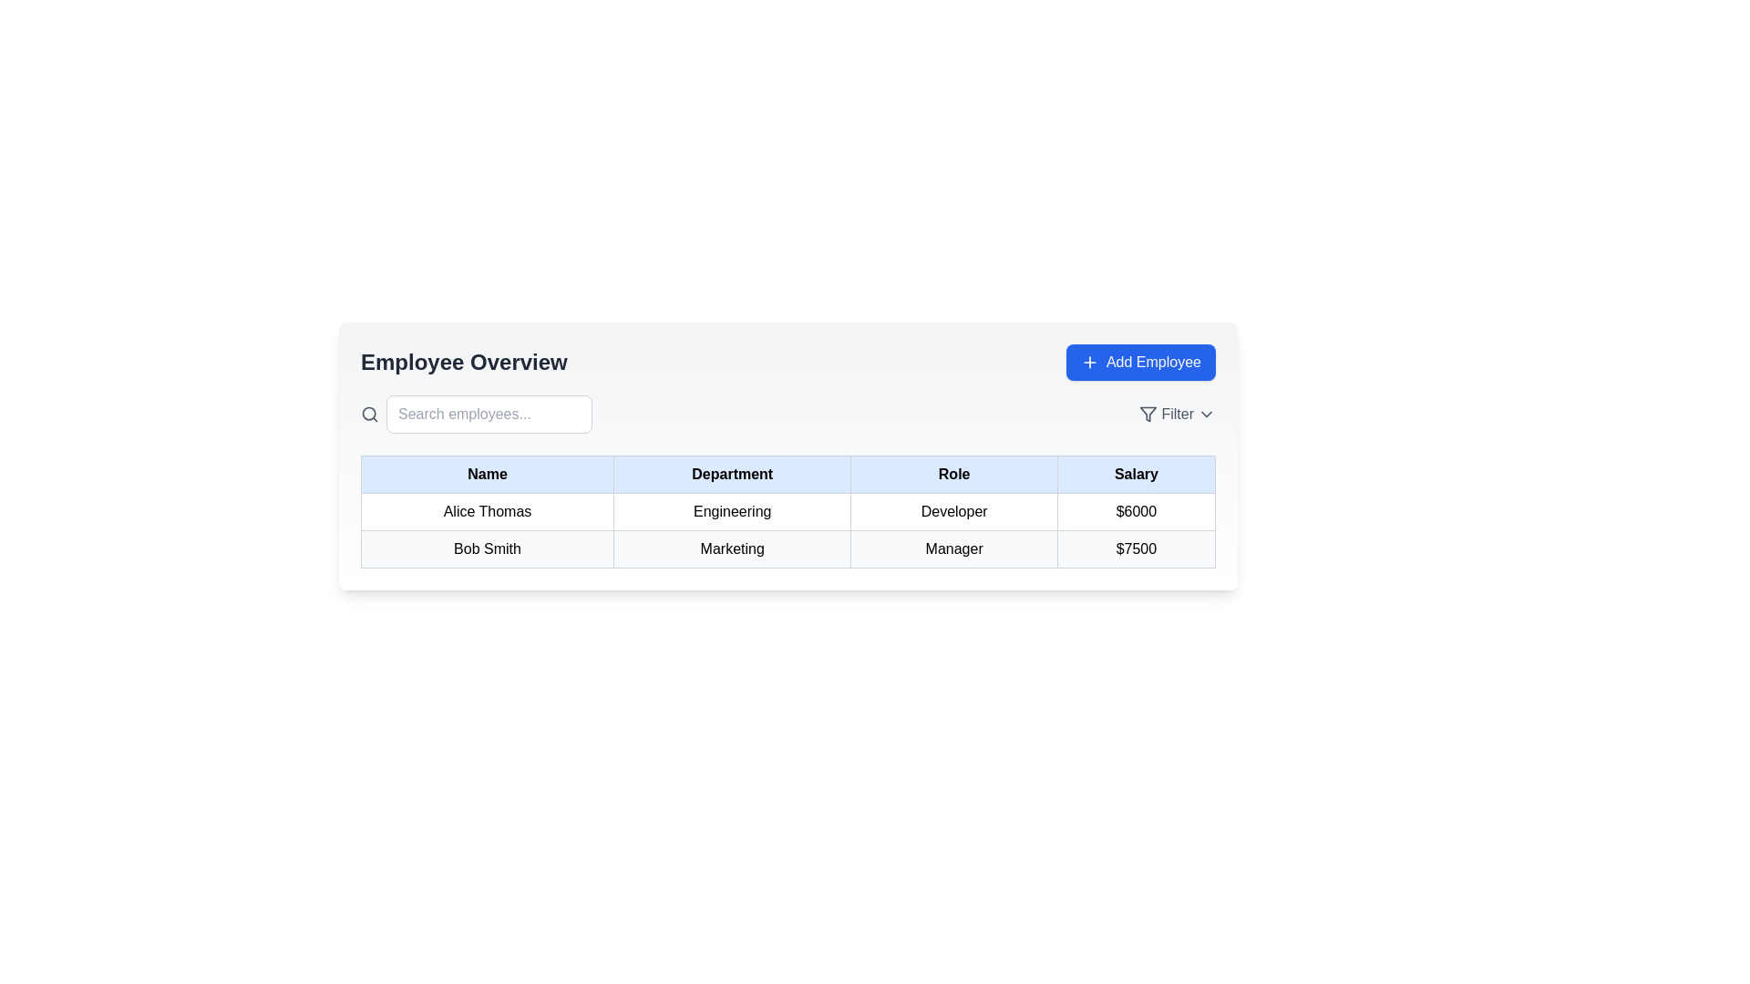 Image resolution: width=1750 pixels, height=984 pixels. What do you see at coordinates (732, 548) in the screenshot?
I see `the table cell displaying the department name 'Marketing' for the individual 'Bob Smith', which is the second cell in the second row of the table under the header 'Department'` at bounding box center [732, 548].